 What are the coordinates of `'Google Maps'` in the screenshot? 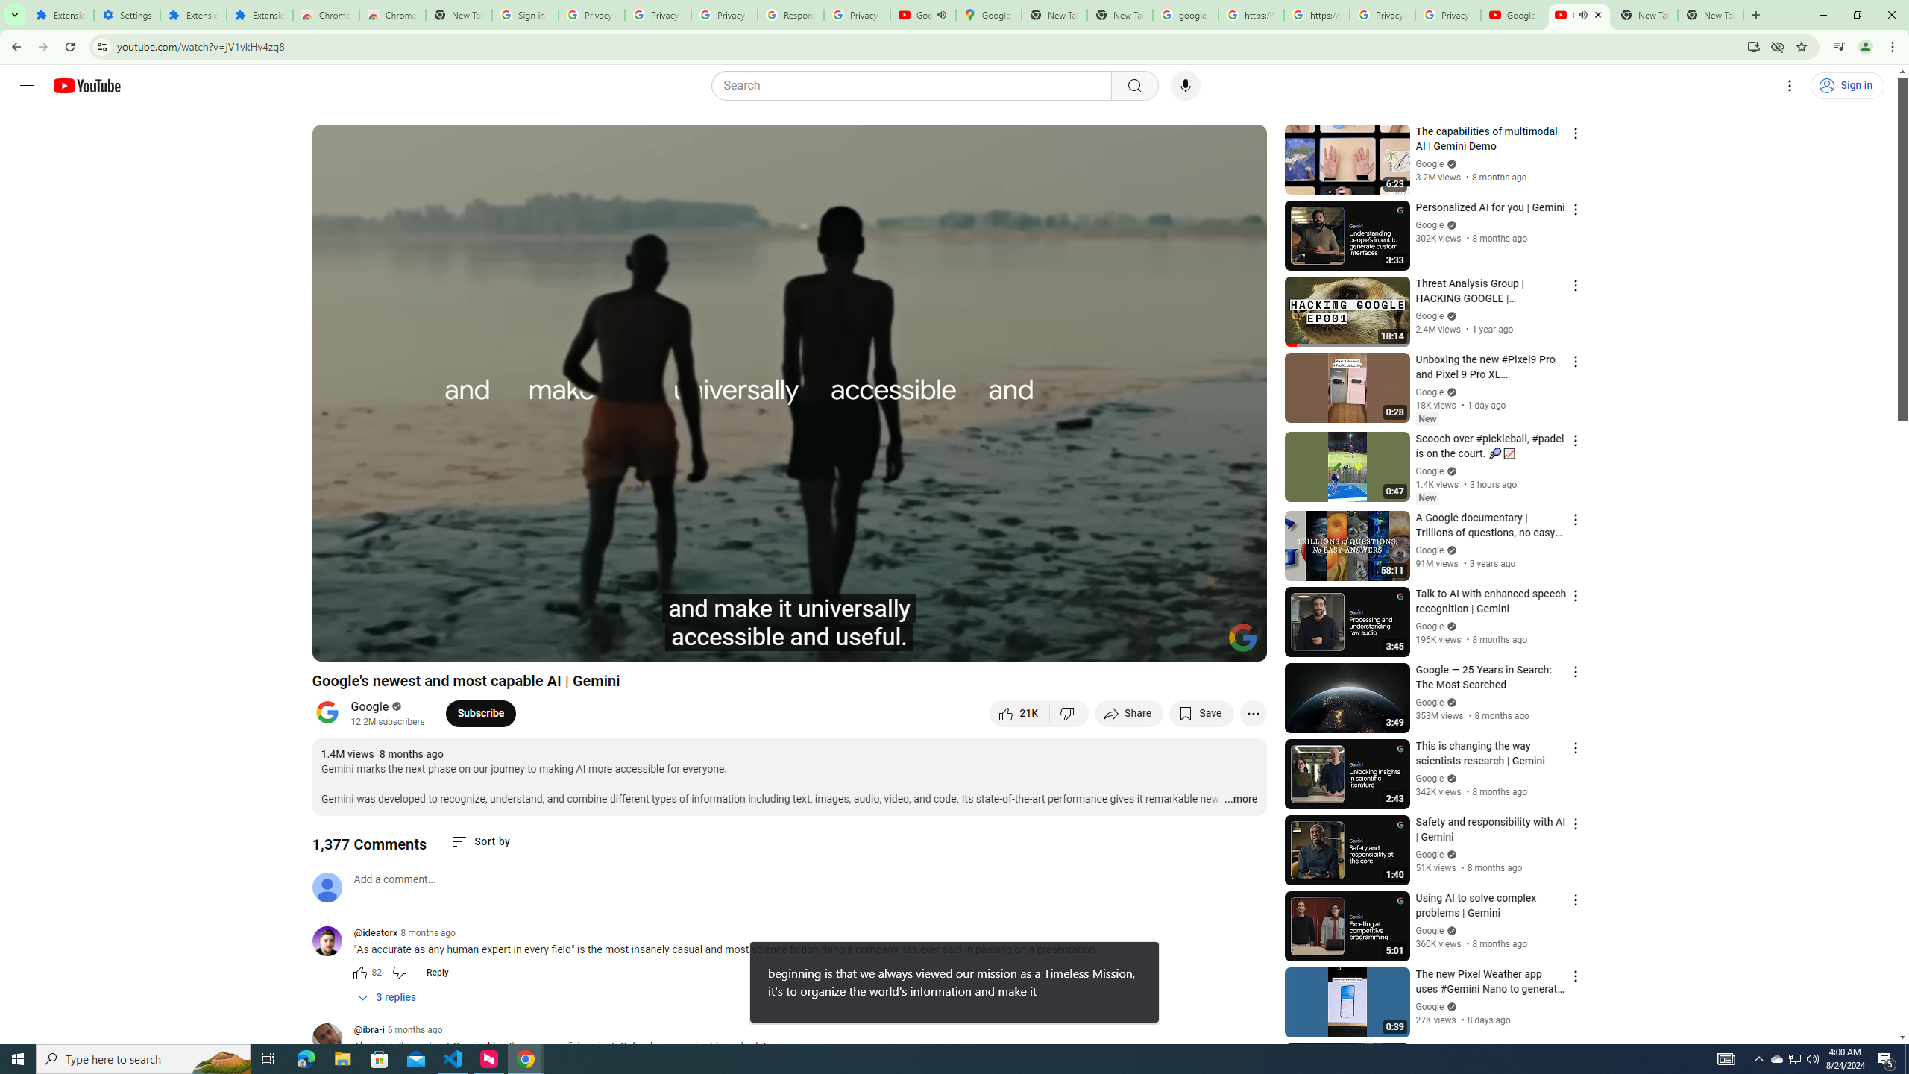 It's located at (988, 14).